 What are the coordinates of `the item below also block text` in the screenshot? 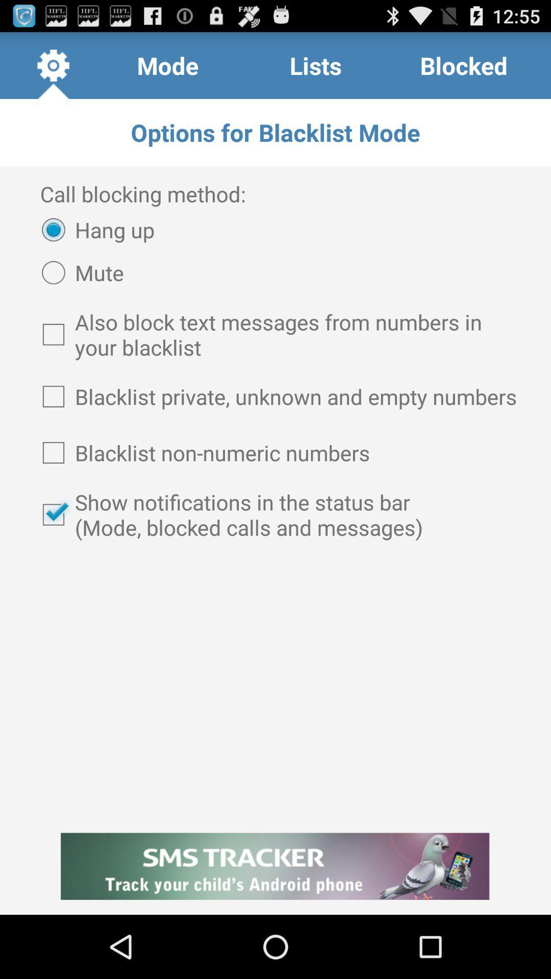 It's located at (275, 396).